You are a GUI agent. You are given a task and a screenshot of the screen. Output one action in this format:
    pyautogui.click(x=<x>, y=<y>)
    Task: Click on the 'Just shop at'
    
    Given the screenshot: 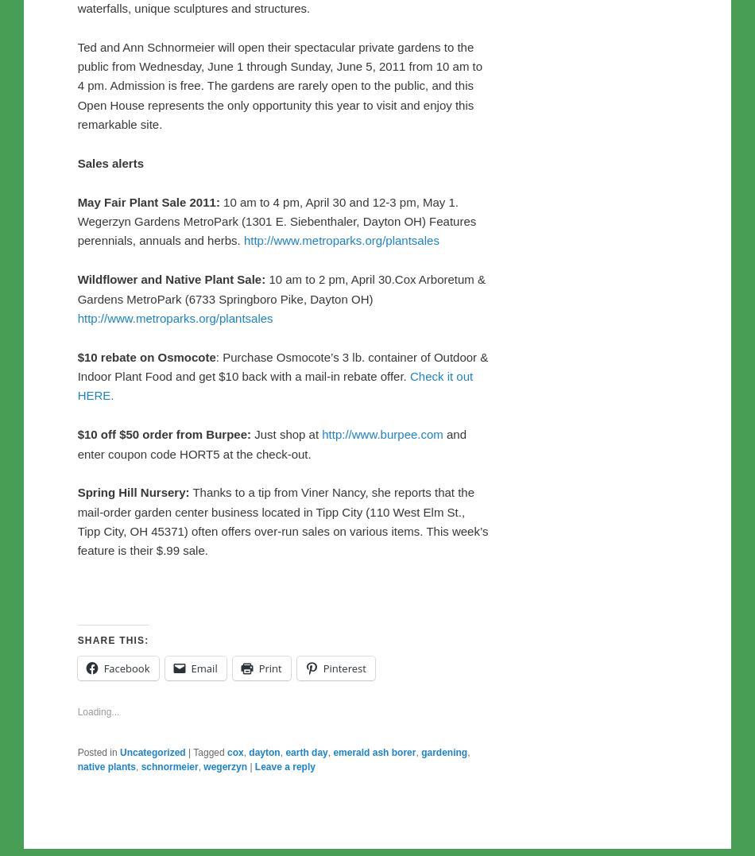 What is the action you would take?
    pyautogui.click(x=250, y=767)
    